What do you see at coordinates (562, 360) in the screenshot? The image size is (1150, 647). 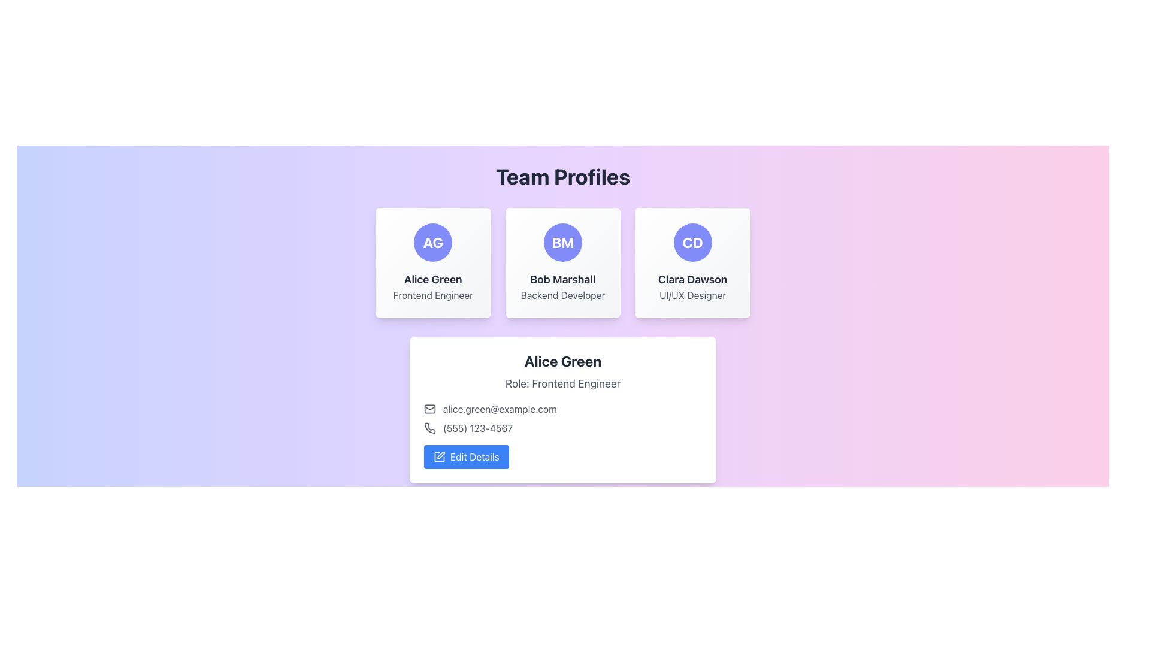 I see `the static text label displaying the name 'Alice Green' at the top of the team profile card` at bounding box center [562, 360].